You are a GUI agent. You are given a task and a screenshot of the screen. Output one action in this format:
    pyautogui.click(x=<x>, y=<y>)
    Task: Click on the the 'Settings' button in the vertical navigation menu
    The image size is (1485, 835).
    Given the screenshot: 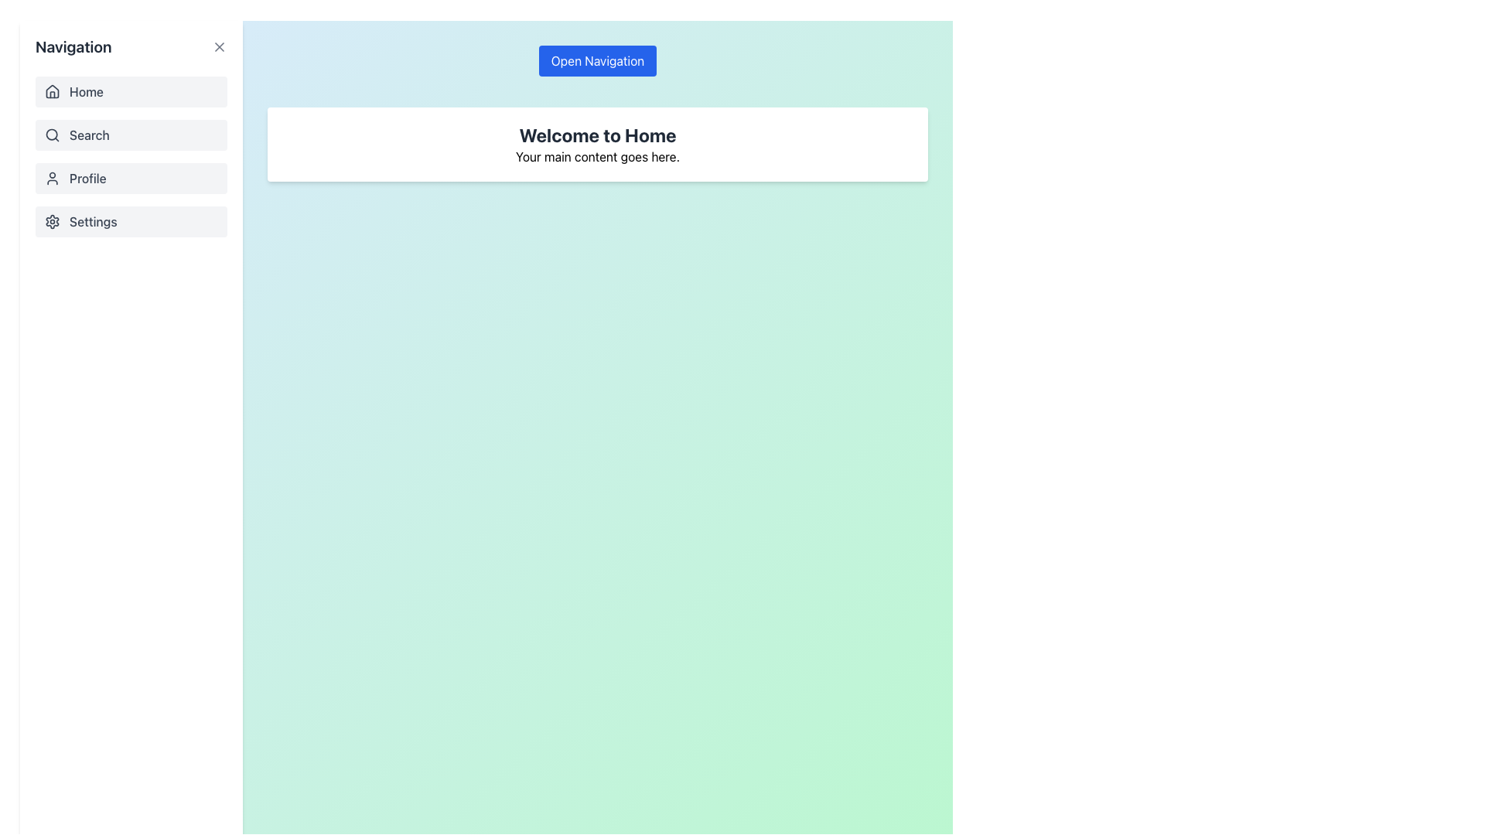 What is the action you would take?
    pyautogui.click(x=131, y=221)
    